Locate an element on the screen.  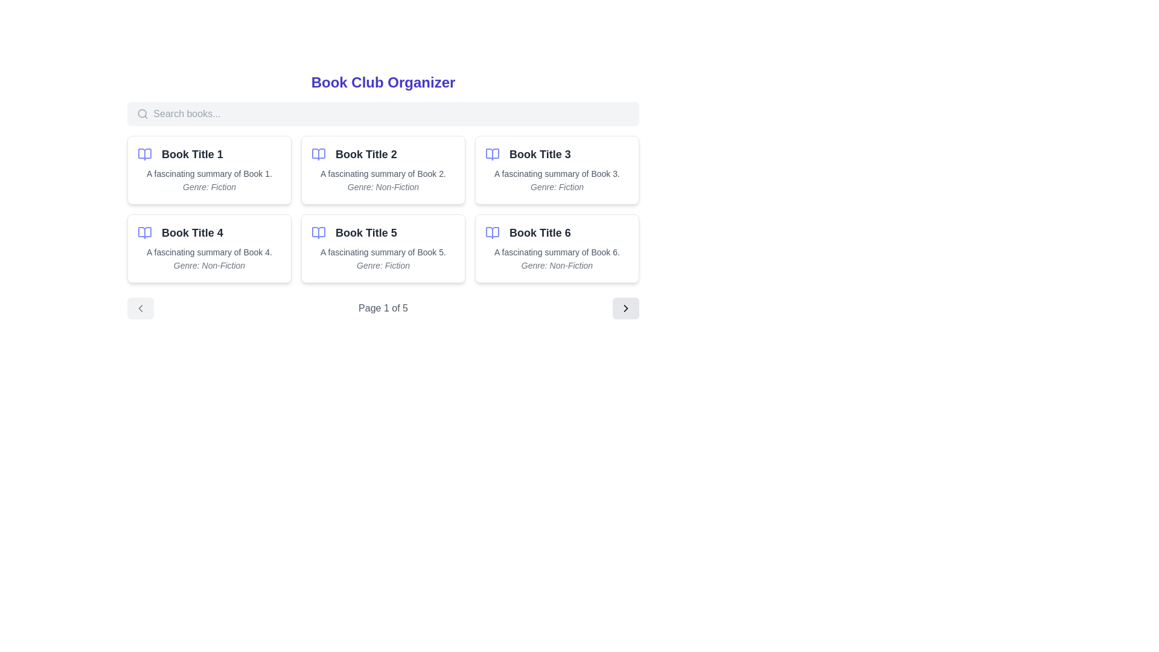
details of the book presented on the information card located in the third column of the first row of the grid layout is located at coordinates (556, 170).